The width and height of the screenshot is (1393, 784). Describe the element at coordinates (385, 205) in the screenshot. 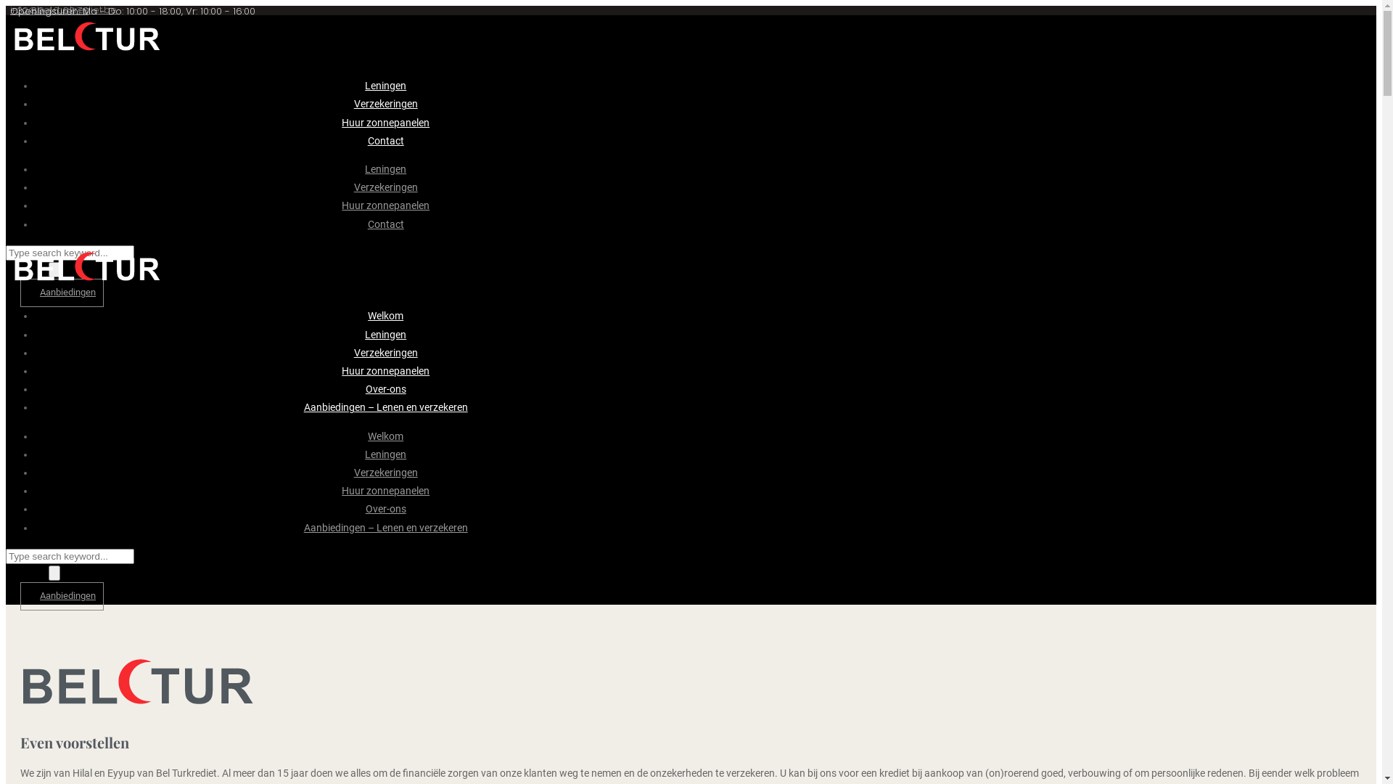

I see `'Huur zonnepanelen'` at that location.